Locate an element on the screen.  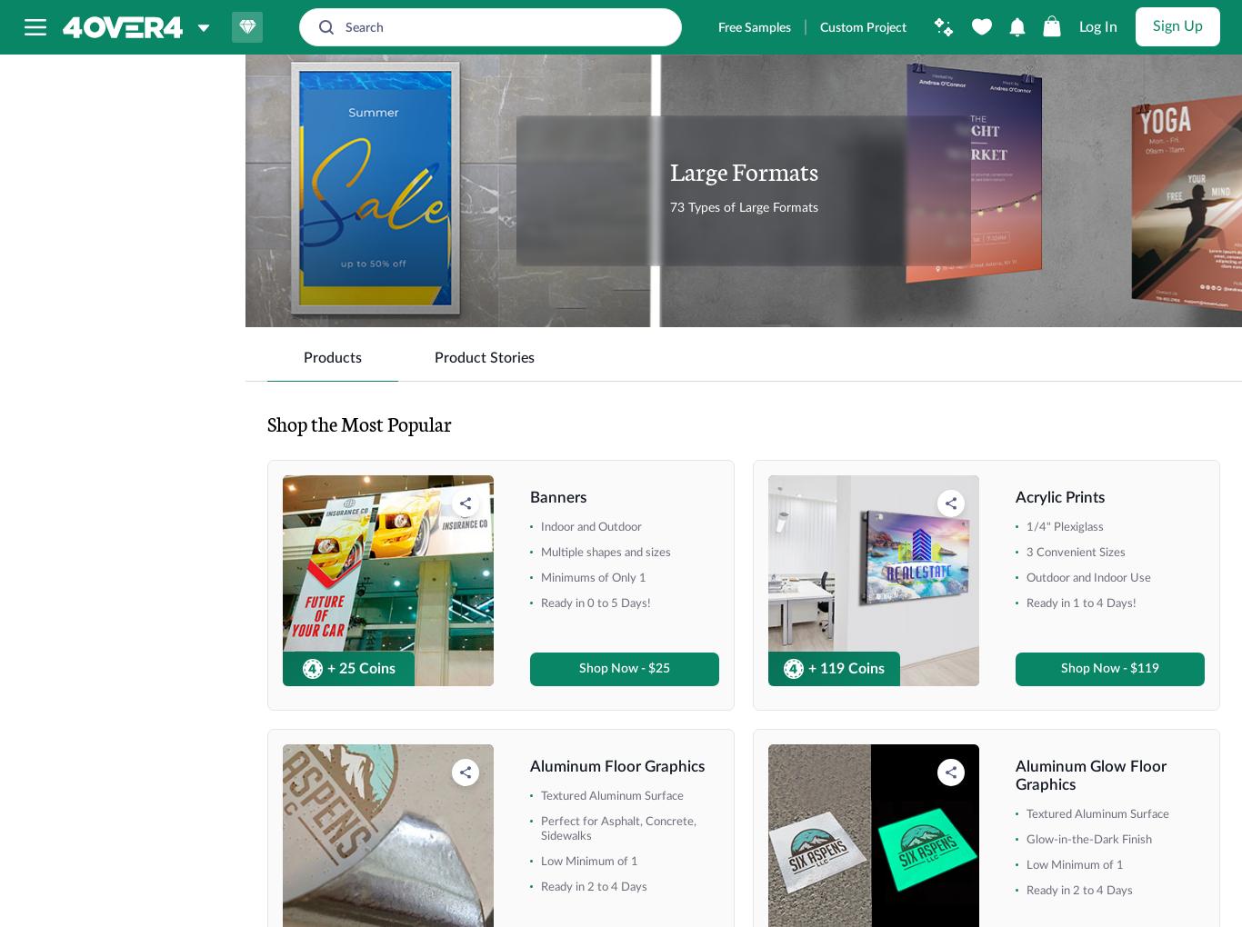
'+ Show More' is located at coordinates (59, 516).